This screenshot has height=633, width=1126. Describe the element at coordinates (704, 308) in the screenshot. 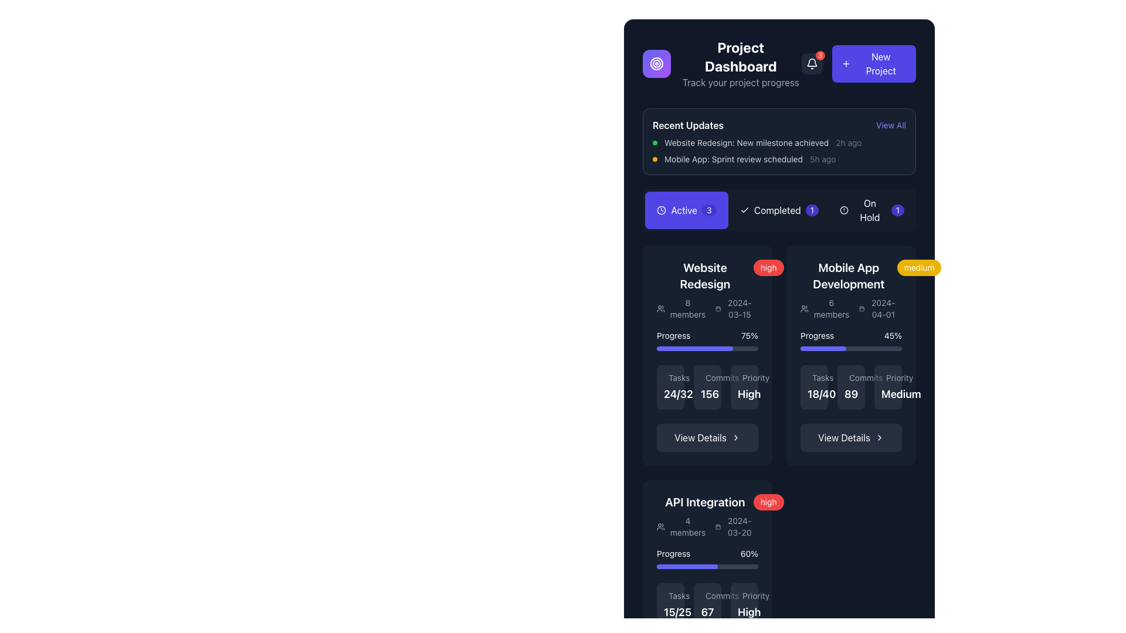

I see `the details of the text information display showing '8 members' and '2024-03-15' within the 'Website Redesign' project card` at that location.